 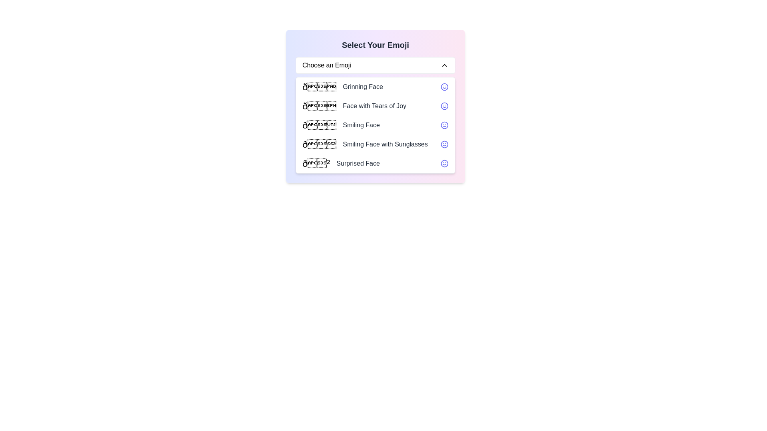 What do you see at coordinates (375, 144) in the screenshot?
I see `the fourth entry in the emoji selection dropdown menu` at bounding box center [375, 144].